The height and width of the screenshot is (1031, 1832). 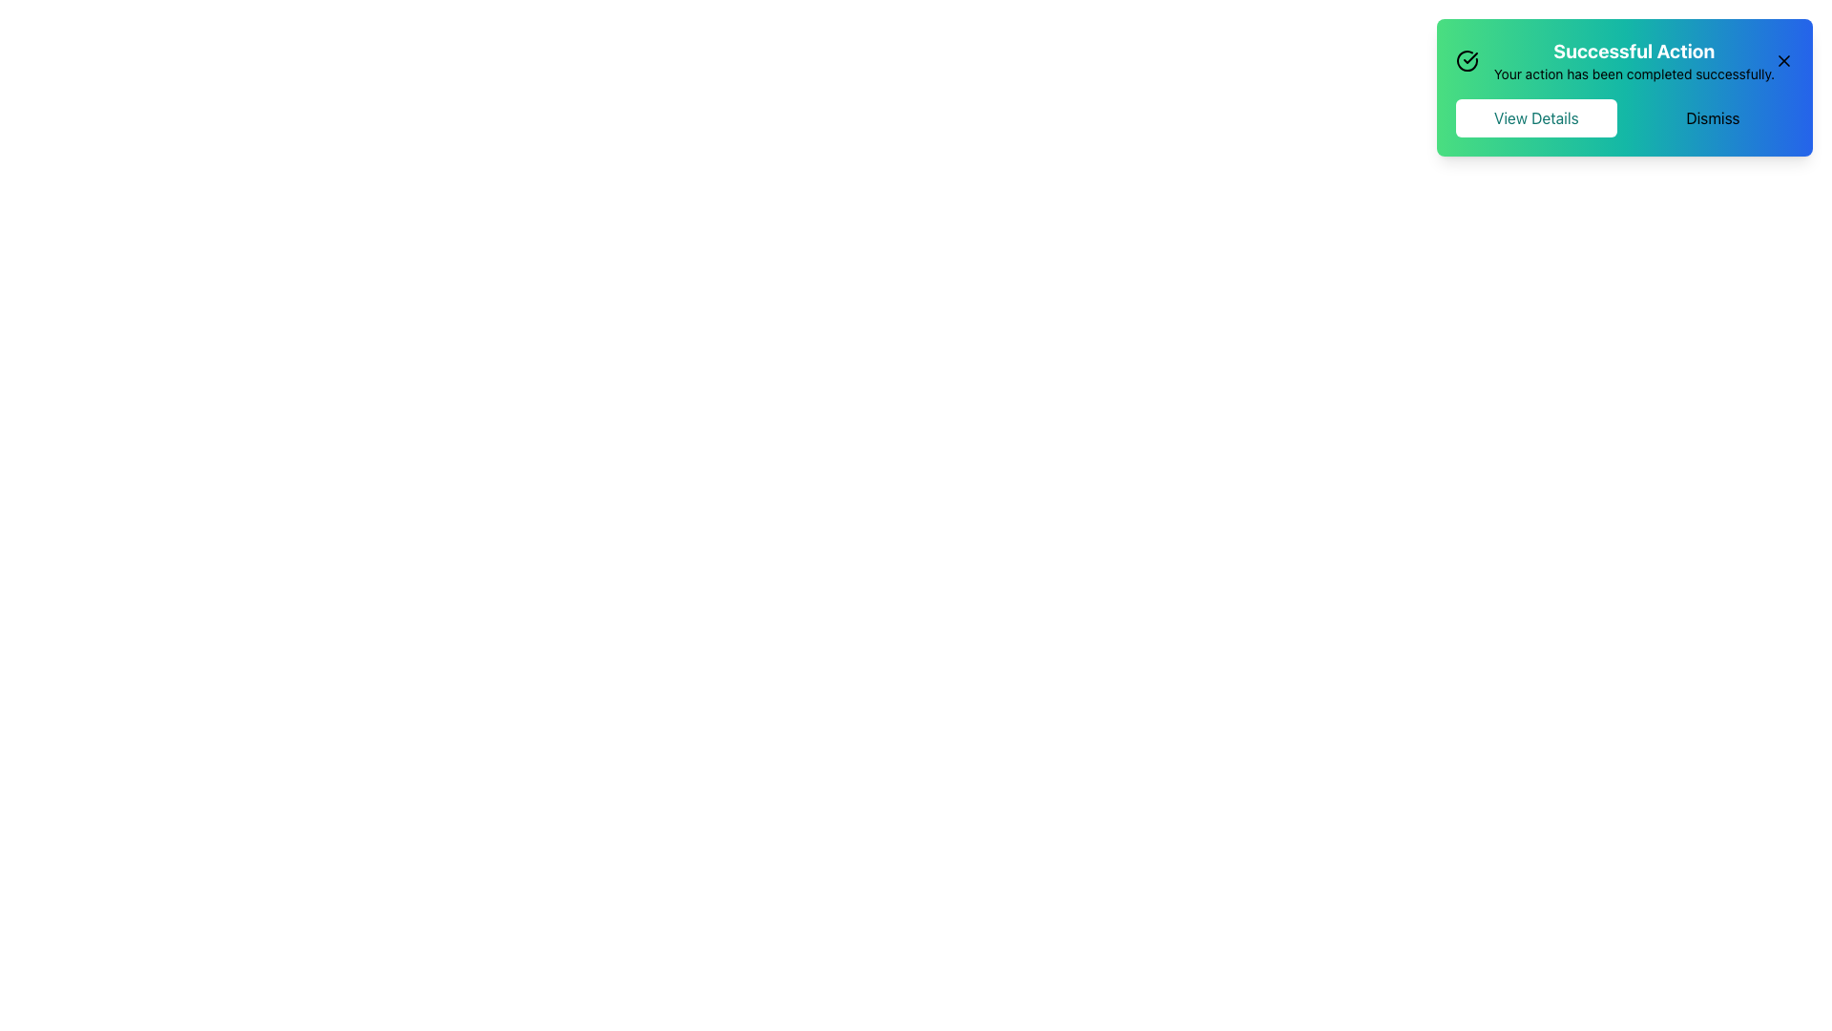 What do you see at coordinates (1623, 117) in the screenshot?
I see `the 'View Details' button located at the bottom part of the notification box in the top-right corner of the interface` at bounding box center [1623, 117].